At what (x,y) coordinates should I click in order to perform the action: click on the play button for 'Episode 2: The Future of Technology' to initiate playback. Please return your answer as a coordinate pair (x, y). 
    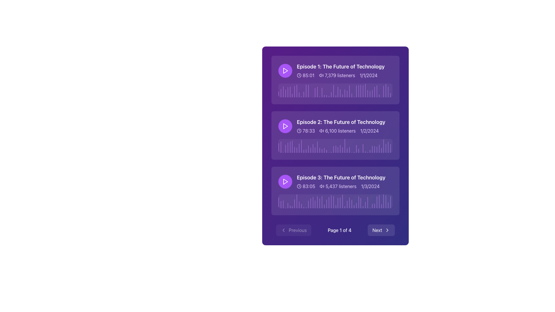
    Looking at the image, I should click on (285, 126).